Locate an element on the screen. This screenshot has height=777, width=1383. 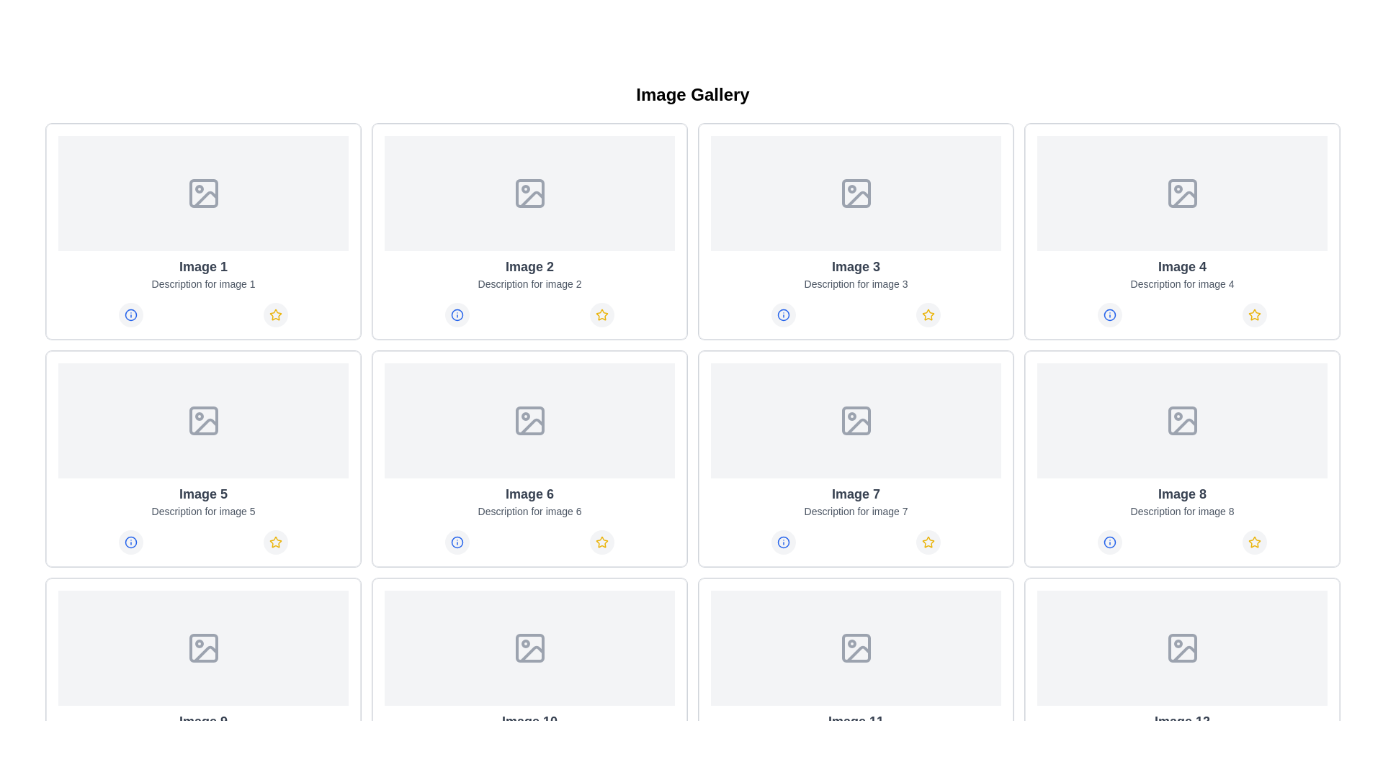
the Placeholder Icon, which is a minimalistic image representation featuring a gray outlined square with a circle and a slanted line, located at the center of the placeholder box for Image 13 is located at coordinates (1182, 648).